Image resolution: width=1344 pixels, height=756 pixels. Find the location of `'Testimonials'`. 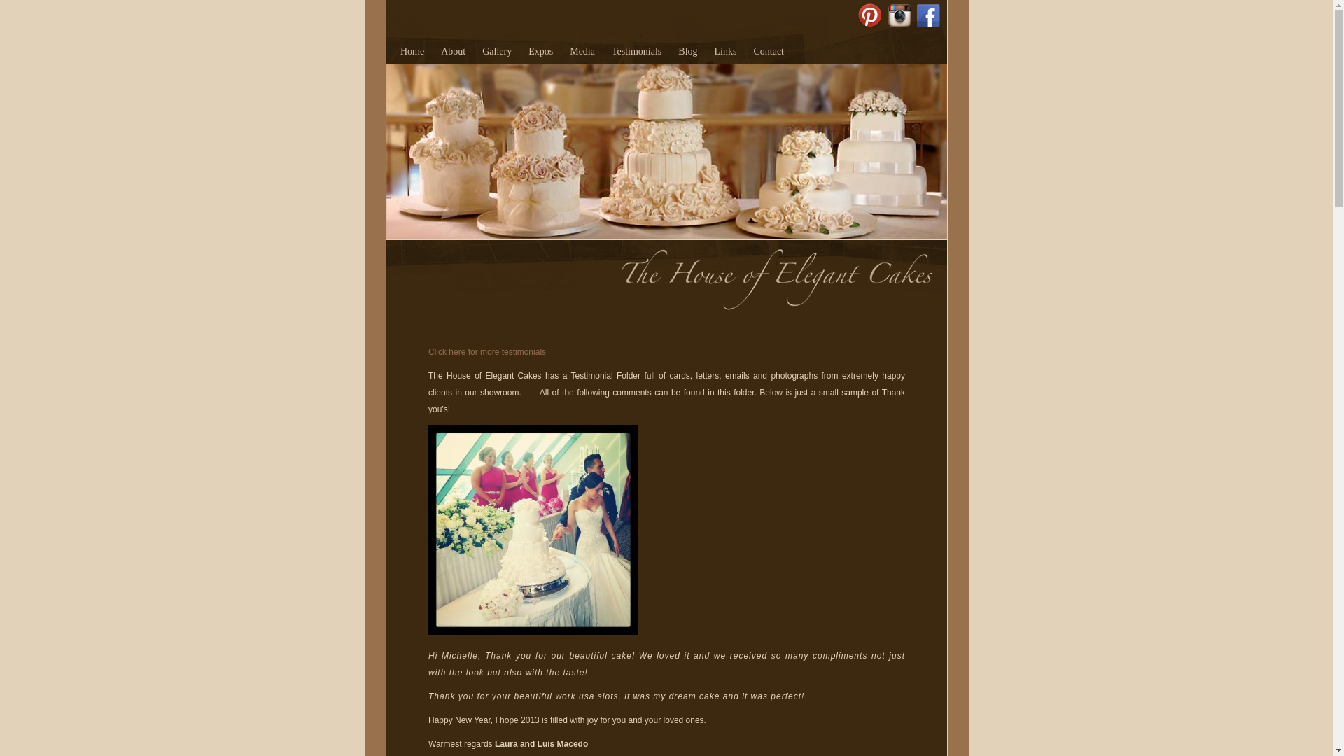

'Testimonials' is located at coordinates (611, 50).